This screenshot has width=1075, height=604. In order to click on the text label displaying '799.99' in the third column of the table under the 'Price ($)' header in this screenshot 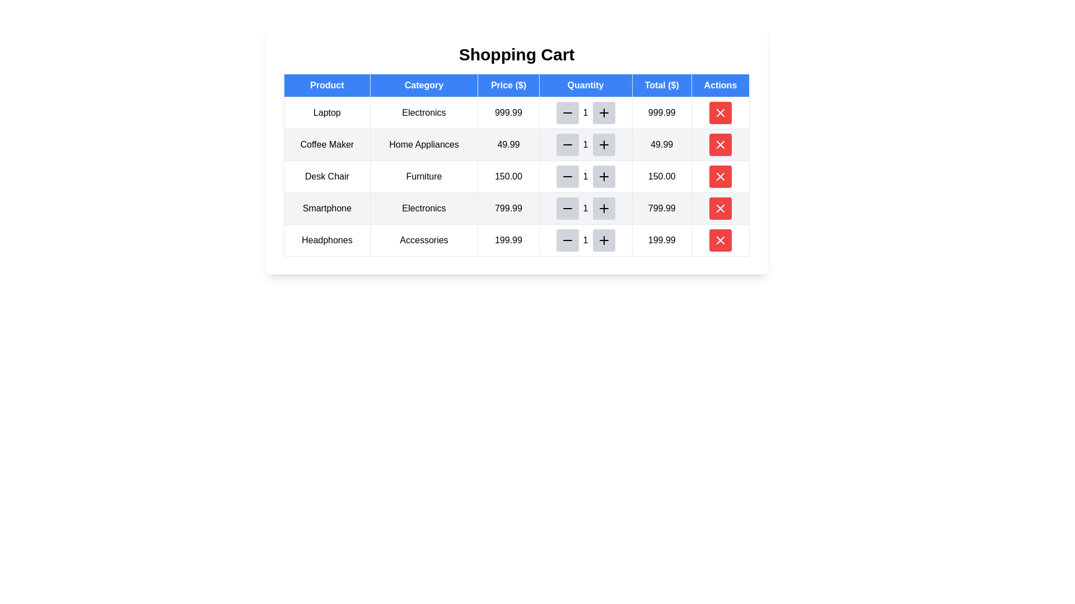, I will do `click(508, 209)`.